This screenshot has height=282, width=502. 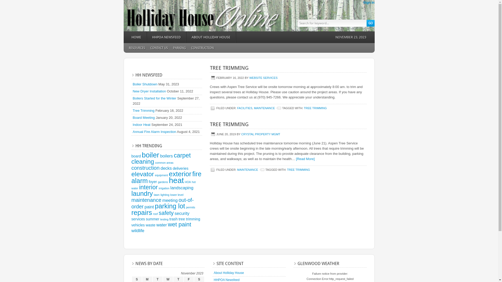 What do you see at coordinates (170, 200) in the screenshot?
I see `'meeting'` at bounding box center [170, 200].